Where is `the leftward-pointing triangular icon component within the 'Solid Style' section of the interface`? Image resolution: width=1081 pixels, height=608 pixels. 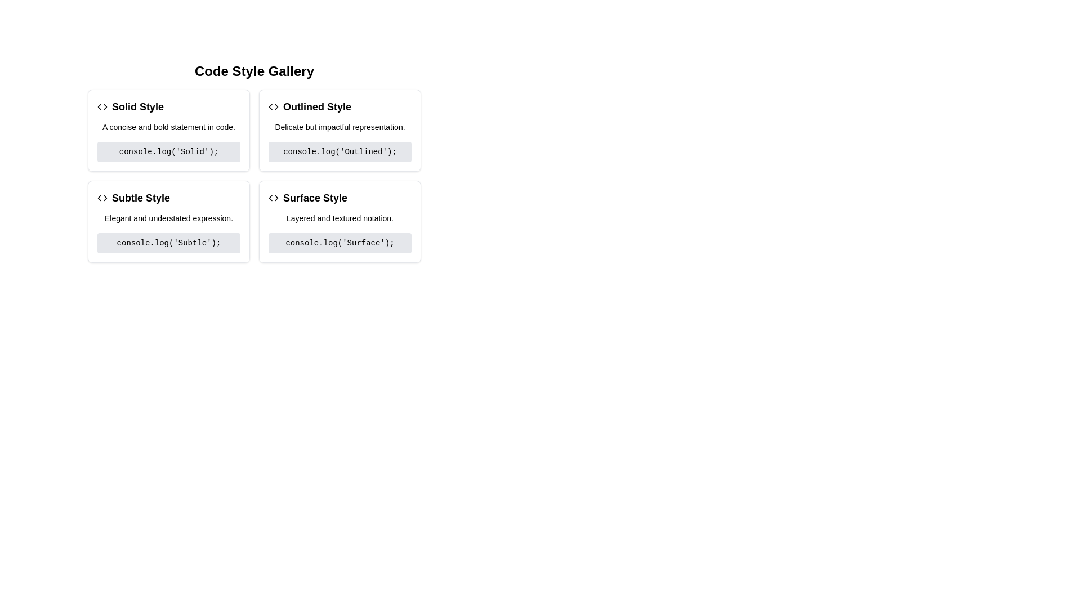
the leftward-pointing triangular icon component within the 'Solid Style' section of the interface is located at coordinates (99, 106).